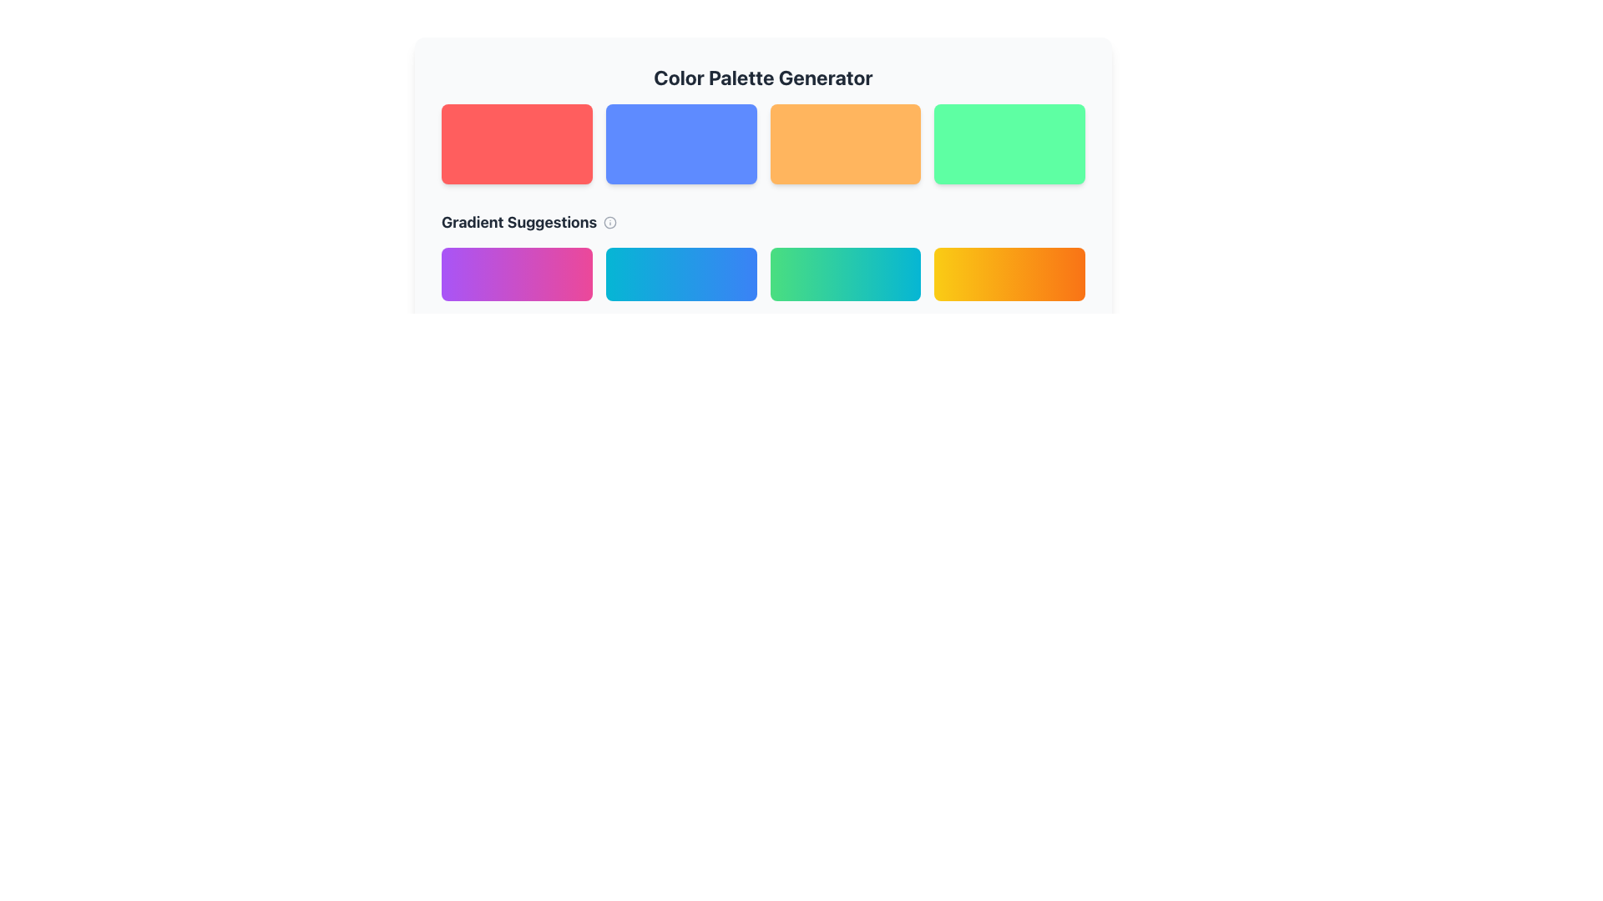  I want to click on the second card display element located beneath the title 'Color Palette Generator' in the grid layout, so click(762, 165).